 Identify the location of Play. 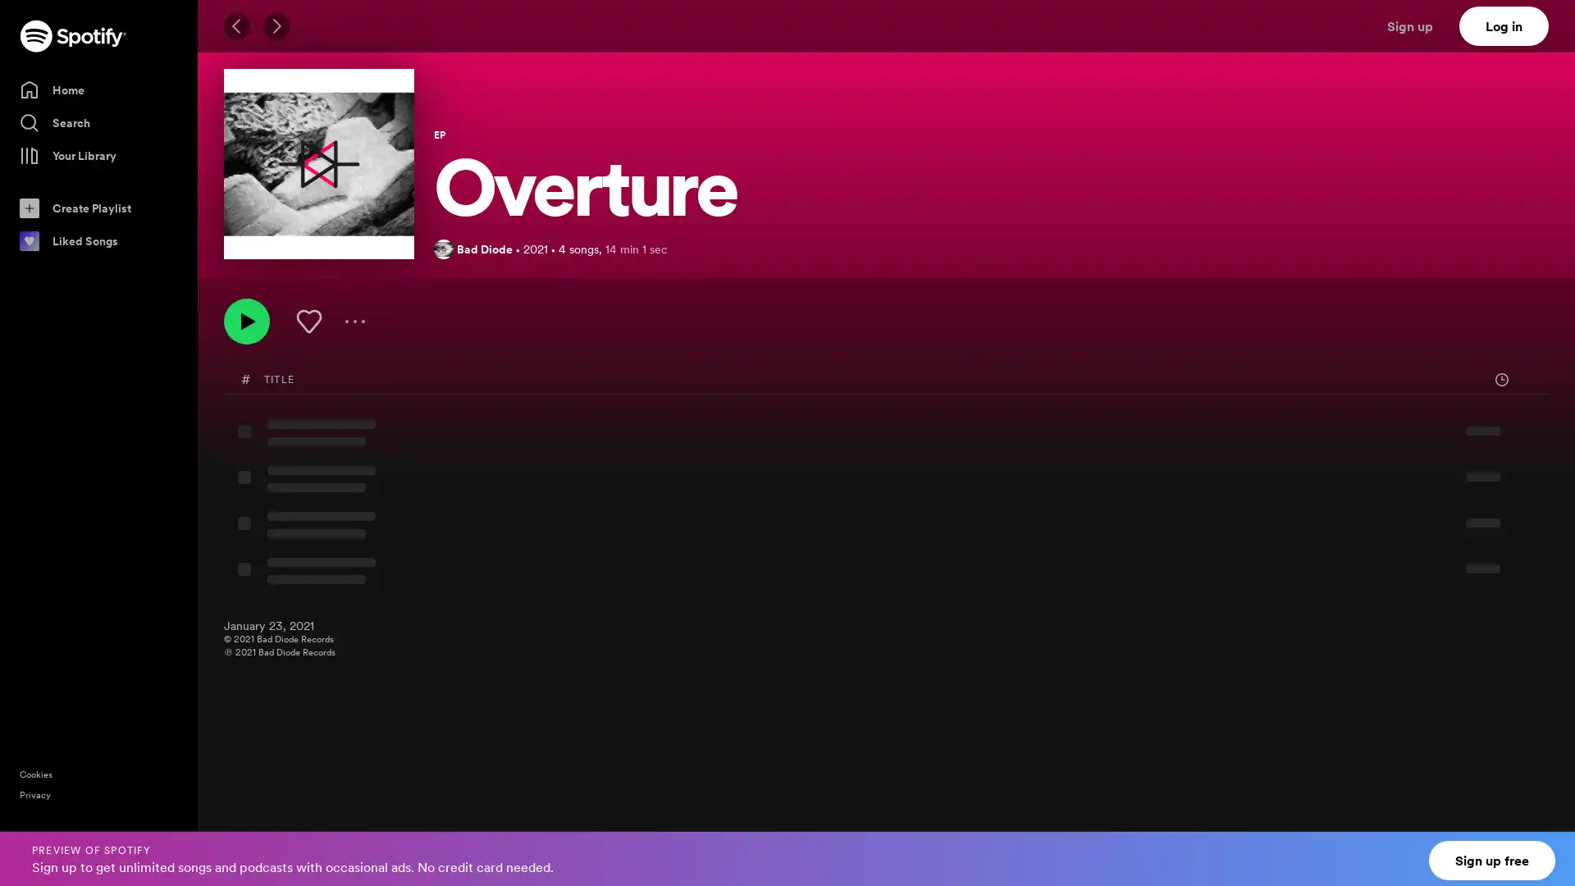
(246, 322).